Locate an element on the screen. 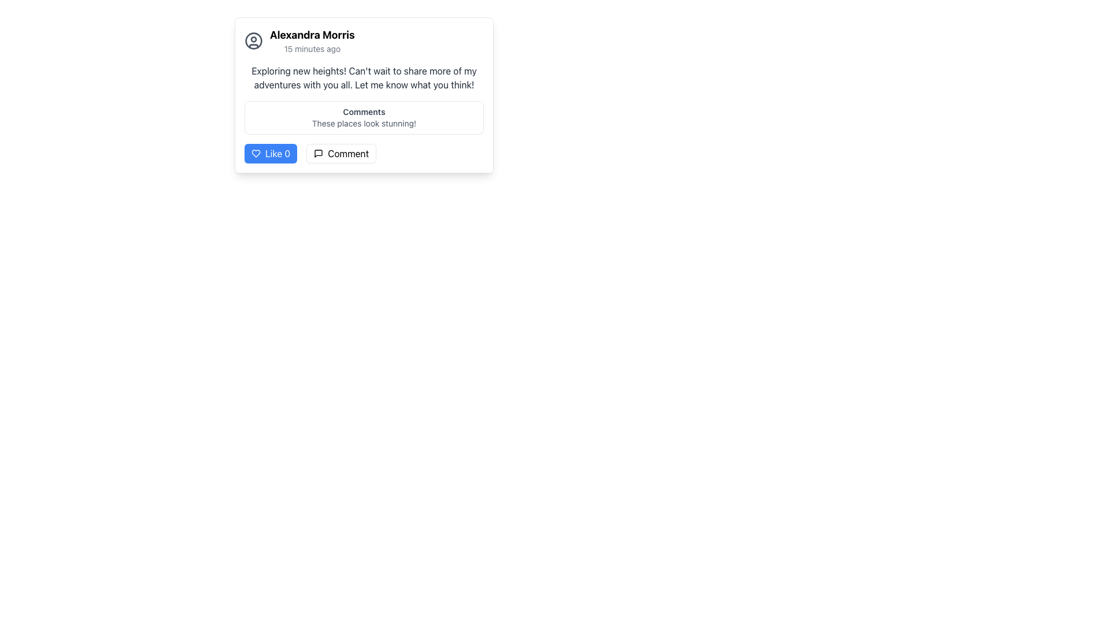 This screenshot has height=624, width=1110. the small square speech bubble icon, which is rendered in black lines and located inside the 'Comment' button, to the left of the 'Comment' label text is located at coordinates (319, 153).